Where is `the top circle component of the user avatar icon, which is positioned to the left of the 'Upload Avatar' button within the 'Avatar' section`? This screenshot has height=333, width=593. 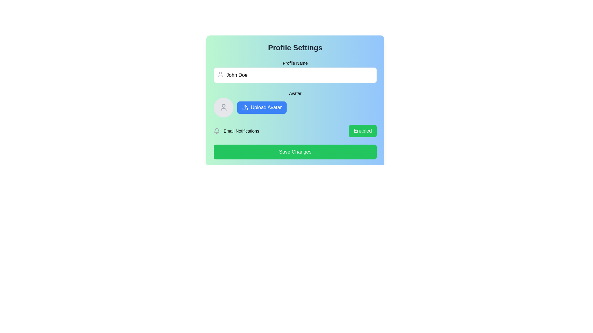 the top circle component of the user avatar icon, which is positioned to the left of the 'Upload Avatar' button within the 'Avatar' section is located at coordinates (223, 105).